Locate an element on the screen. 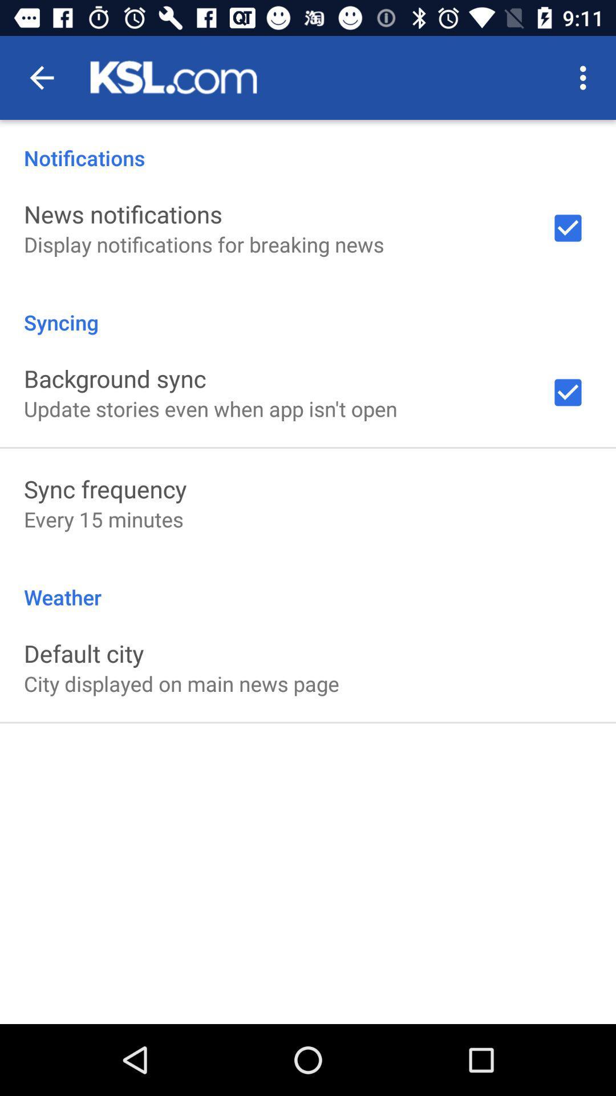 The width and height of the screenshot is (616, 1096). icon above the update stories even is located at coordinates (115, 378).